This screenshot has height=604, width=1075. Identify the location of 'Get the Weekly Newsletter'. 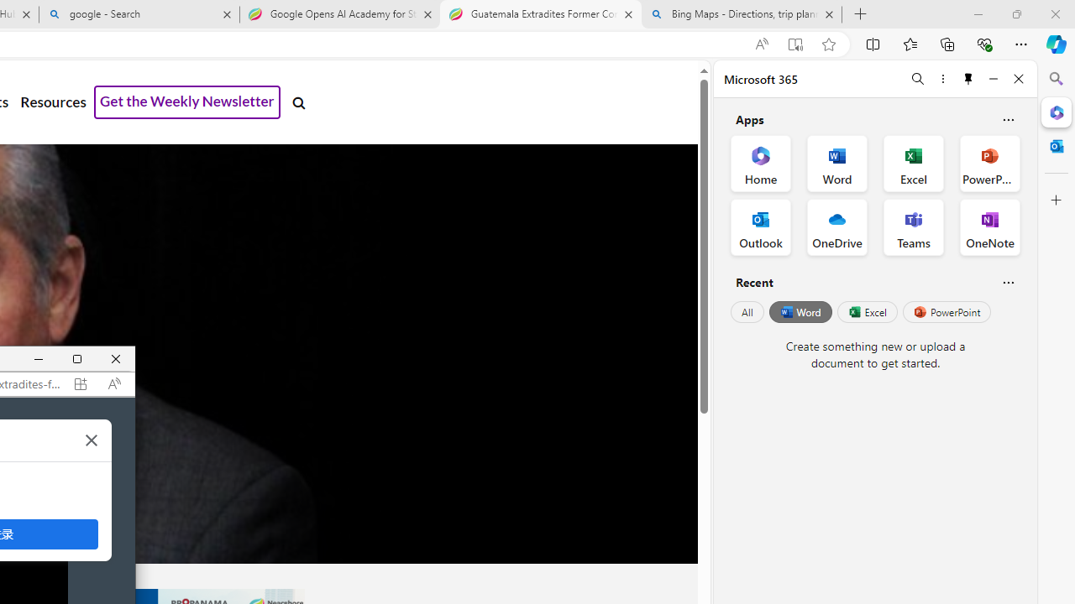
(187, 102).